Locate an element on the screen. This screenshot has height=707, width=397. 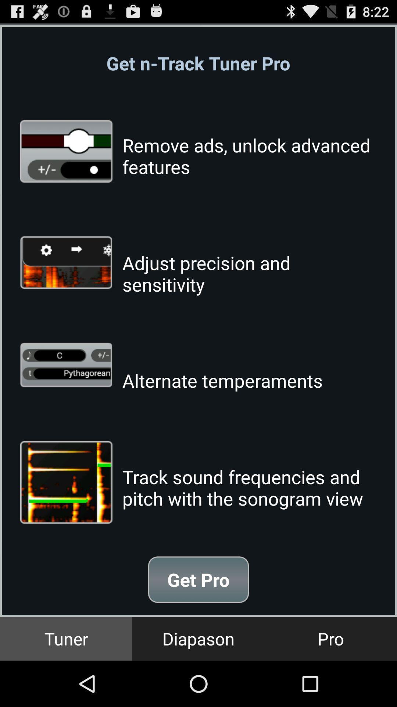
the diapason is located at coordinates (198, 638).